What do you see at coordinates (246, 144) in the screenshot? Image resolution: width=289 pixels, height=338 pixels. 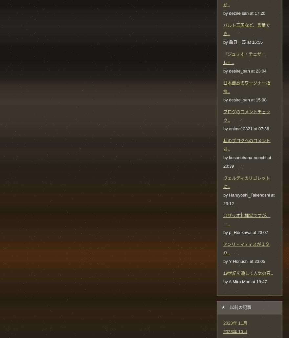 I see `'私のブログへのコメントあ..'` at bounding box center [246, 144].